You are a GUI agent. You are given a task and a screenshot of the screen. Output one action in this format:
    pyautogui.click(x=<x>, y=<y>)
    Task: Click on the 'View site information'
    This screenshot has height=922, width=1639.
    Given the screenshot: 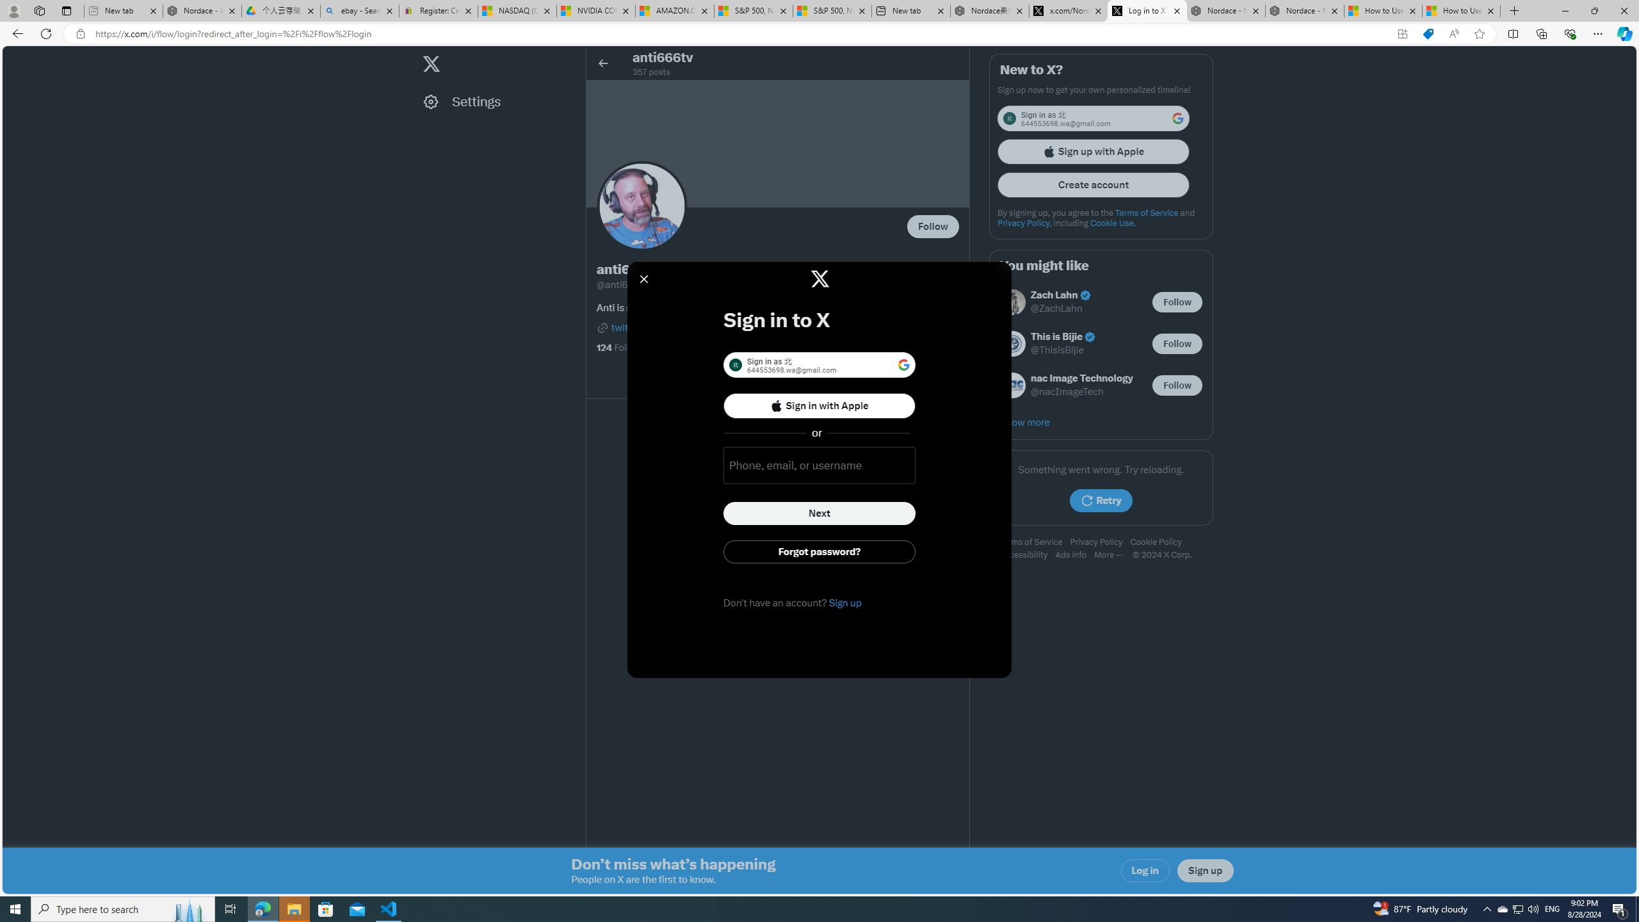 What is the action you would take?
    pyautogui.click(x=80, y=34)
    